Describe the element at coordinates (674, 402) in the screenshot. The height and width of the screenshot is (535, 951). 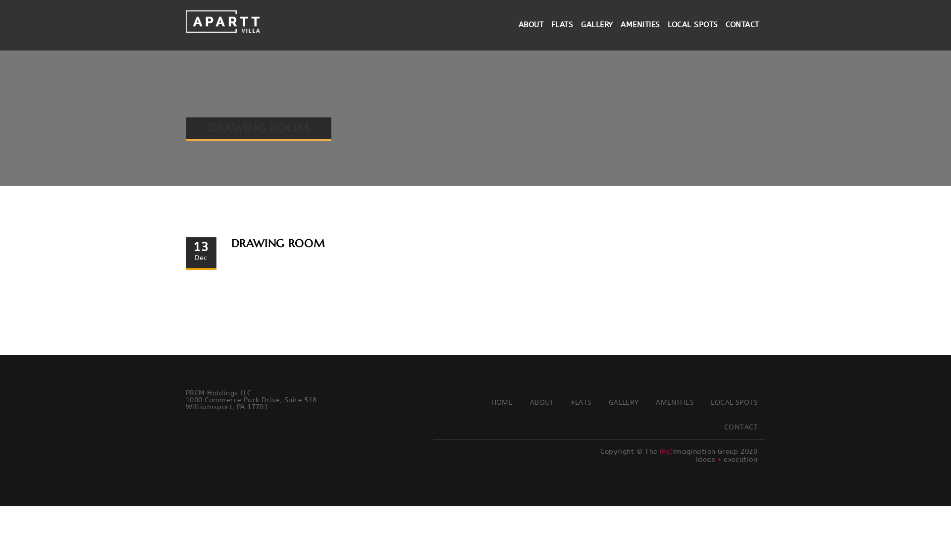
I see `'AMENITIES'` at that location.